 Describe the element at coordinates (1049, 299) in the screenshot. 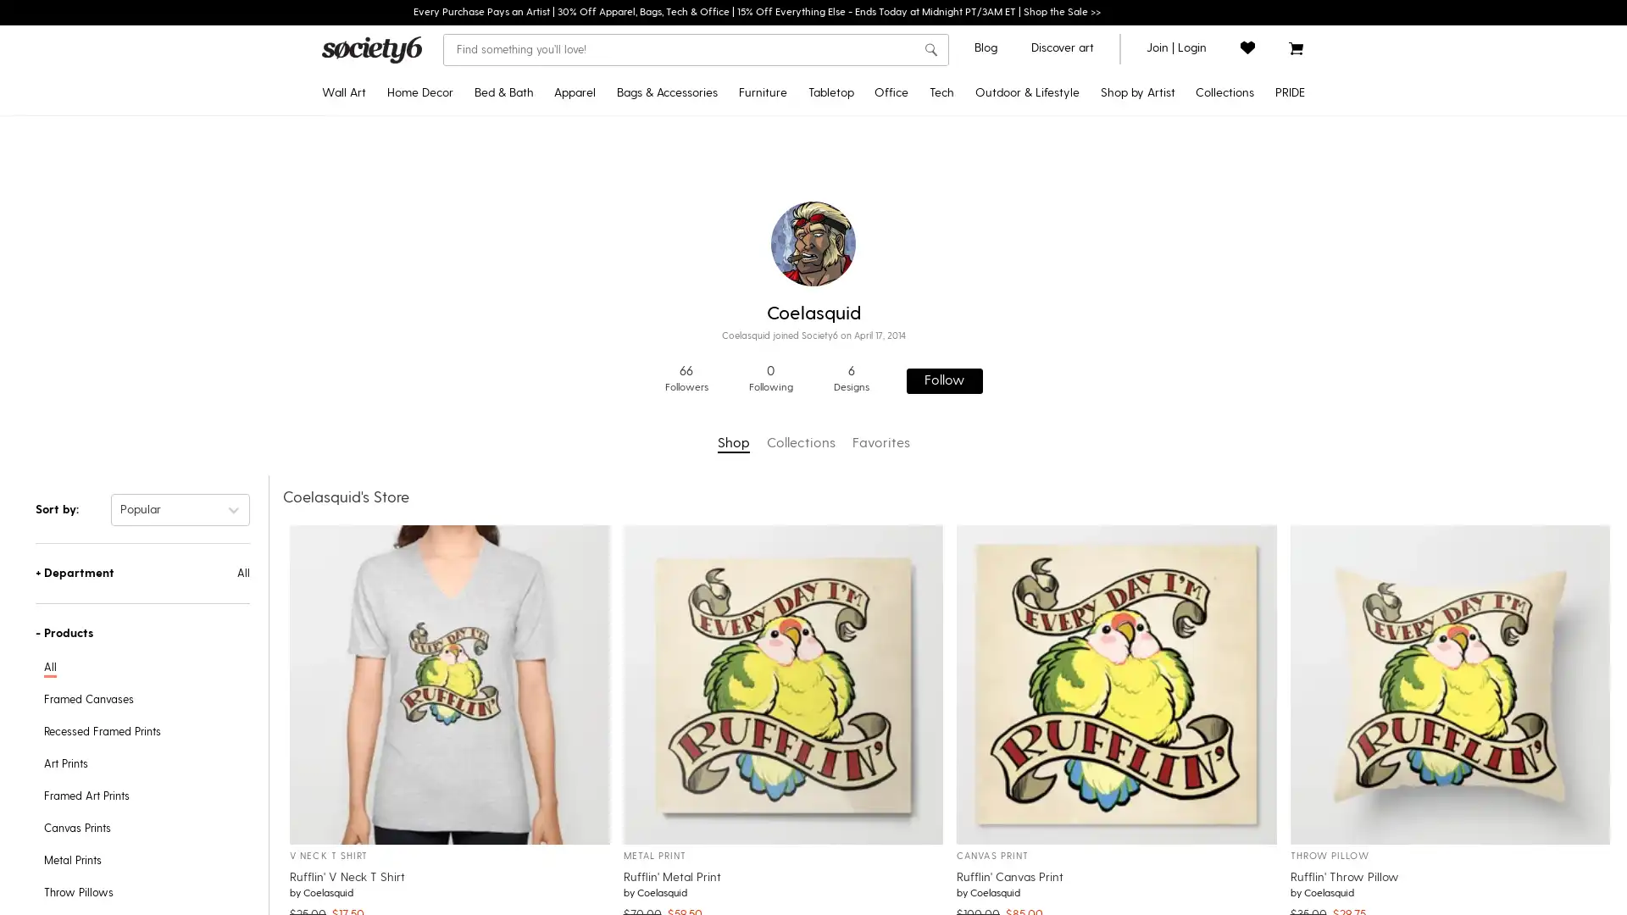

I see `Welcome Mats` at that location.